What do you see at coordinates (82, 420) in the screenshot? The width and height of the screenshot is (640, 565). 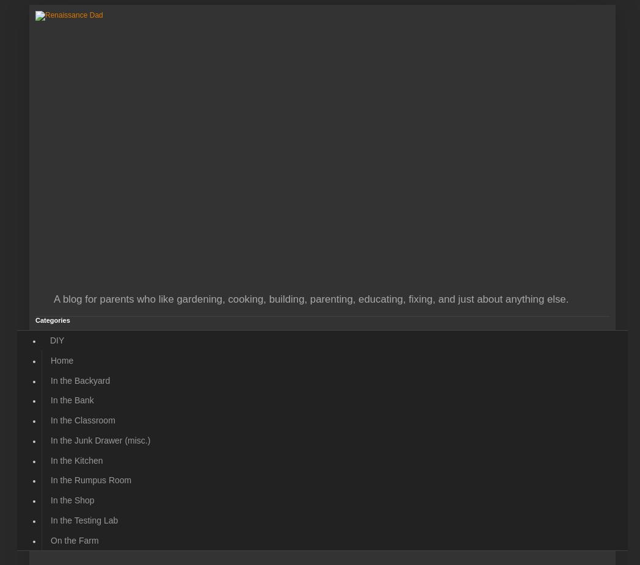 I see `'In the Classroom'` at bounding box center [82, 420].